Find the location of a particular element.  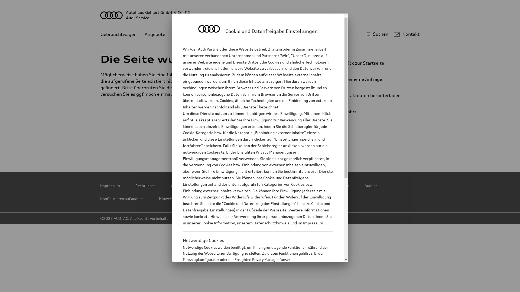

'Datenschutzhinweis' is located at coordinates (271, 223).